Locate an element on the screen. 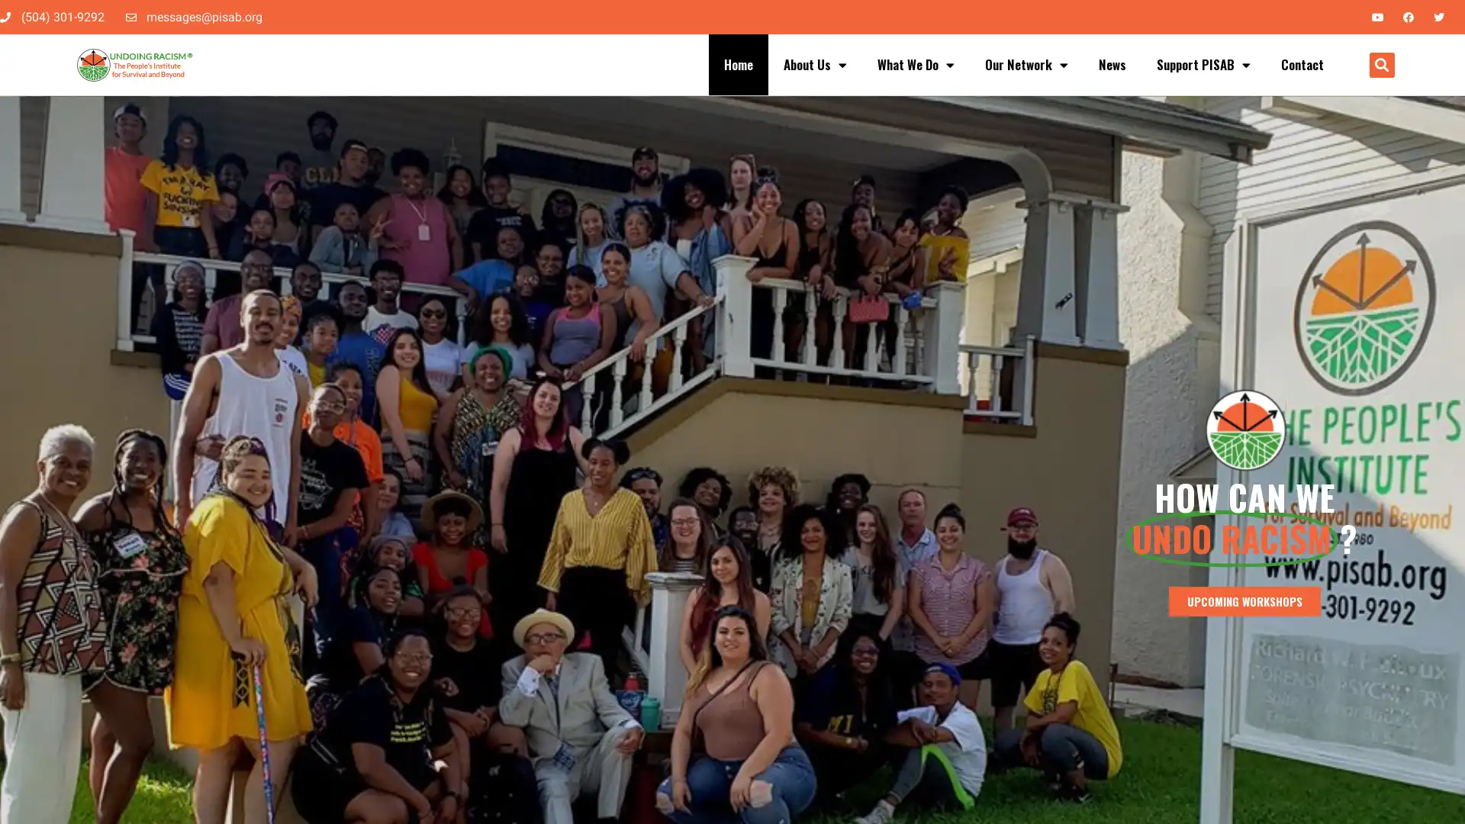 This screenshot has height=824, width=1465. UPCOMING WORKSHOPS is located at coordinates (1244, 600).